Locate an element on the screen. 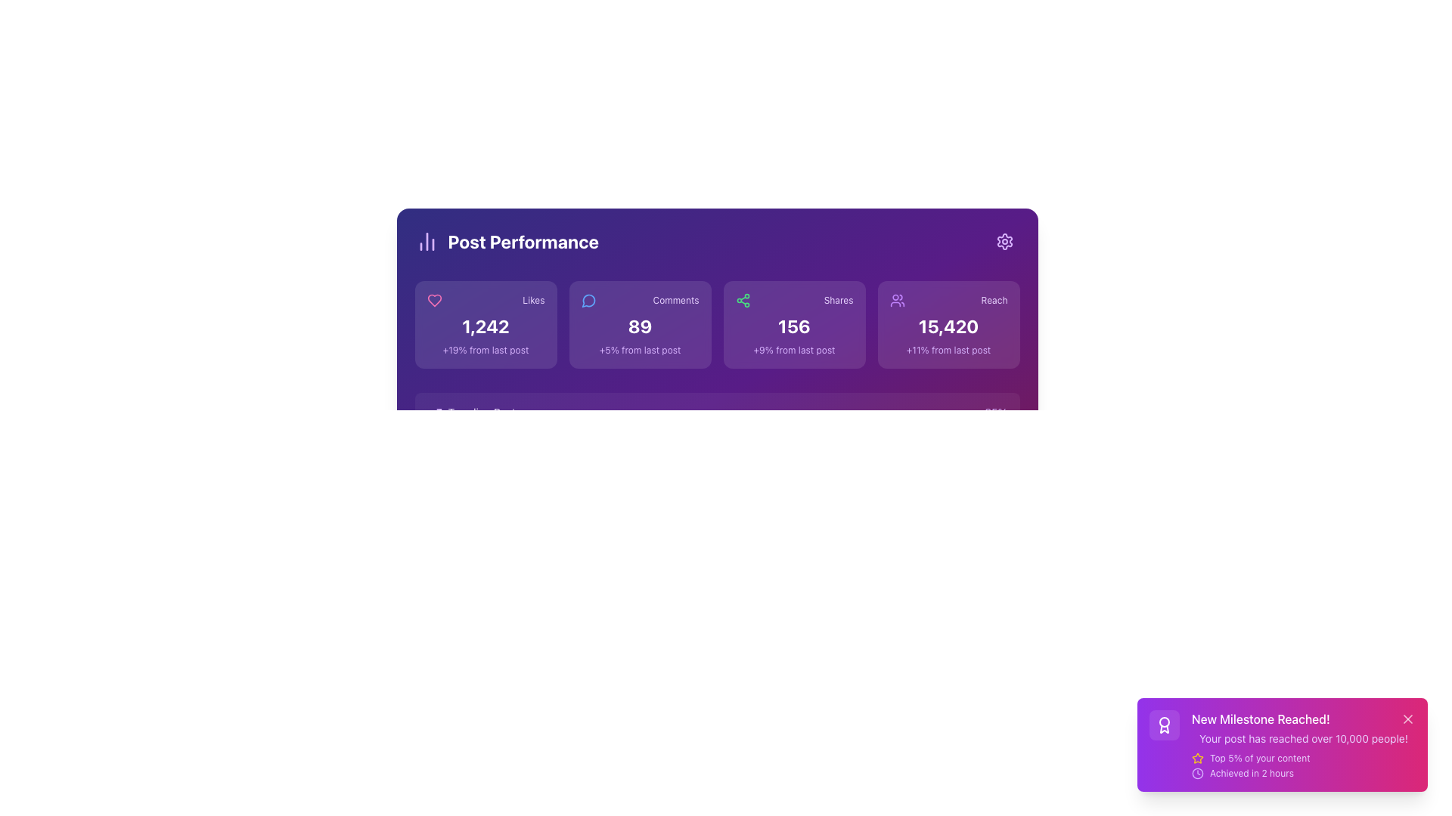 The image size is (1452, 816). the static text label that reads 'Top 5% of your content', which is styled with a small, light purple font and is located in the lower right corner of the notification panel, above a timestamp and to the right of a star icon is located at coordinates (1260, 758).